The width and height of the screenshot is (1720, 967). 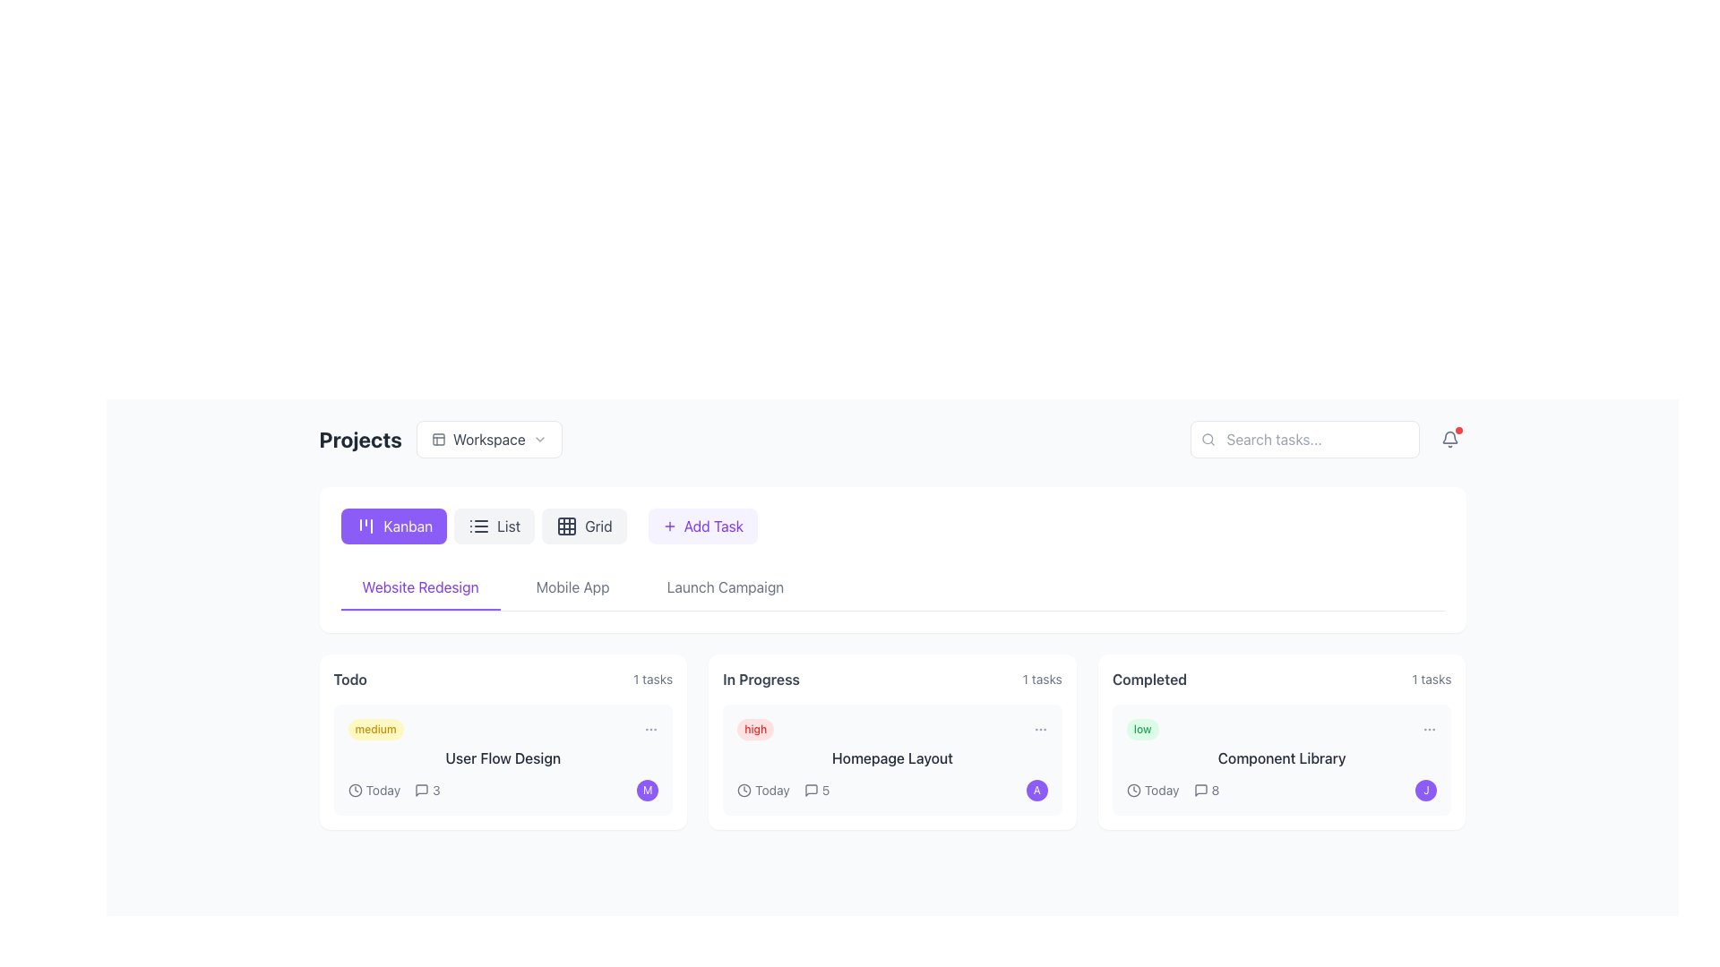 I want to click on the comment count text in the 'Todo' card of the 'Website Redesign' Kanban board, so click(x=436, y=790).